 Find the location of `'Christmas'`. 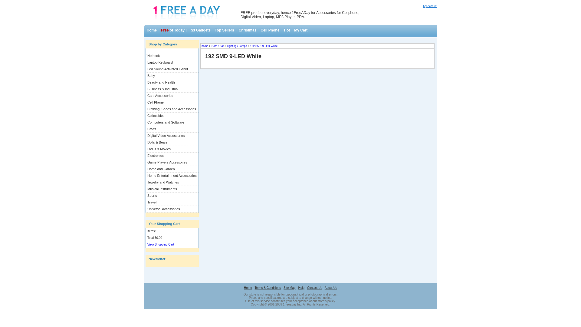

'Christmas' is located at coordinates (247, 30).